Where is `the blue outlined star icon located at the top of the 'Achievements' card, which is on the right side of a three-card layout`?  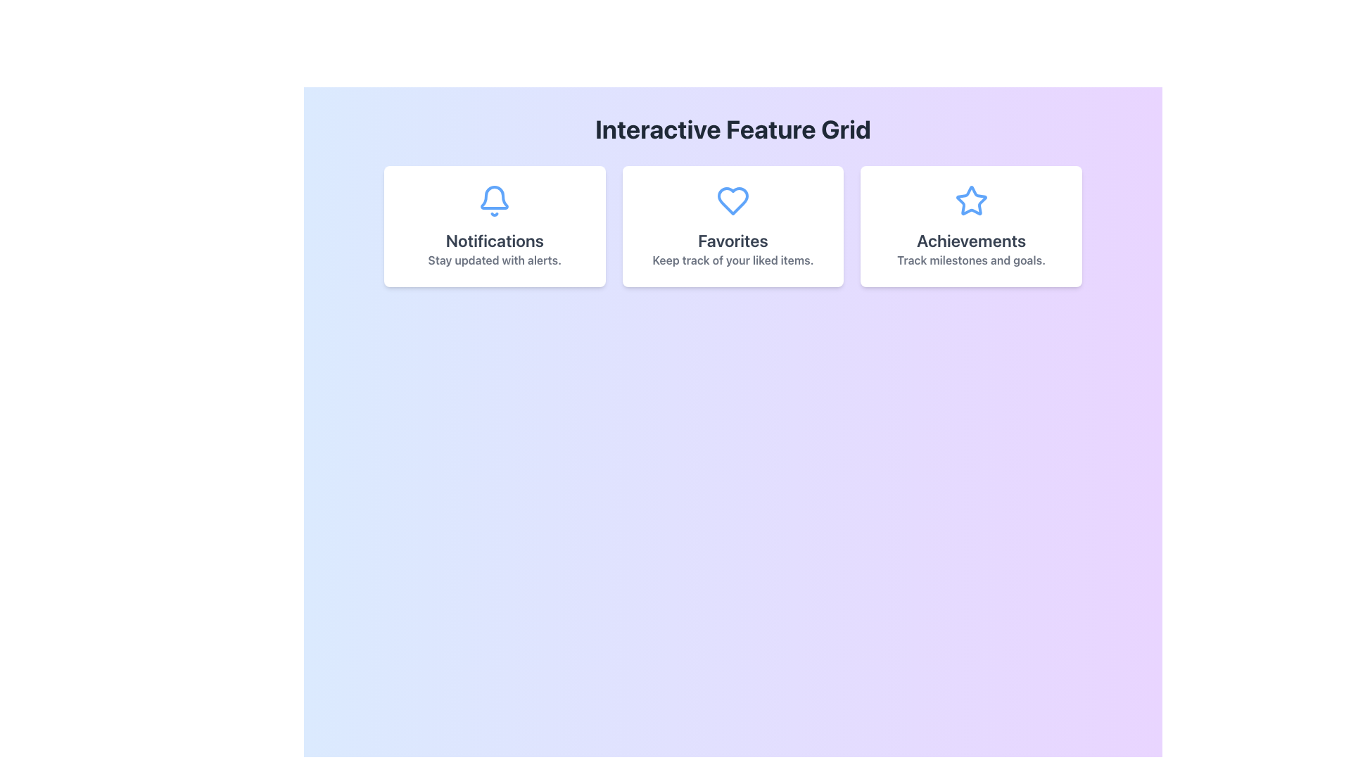 the blue outlined star icon located at the top of the 'Achievements' card, which is on the right side of a three-card layout is located at coordinates (970, 201).